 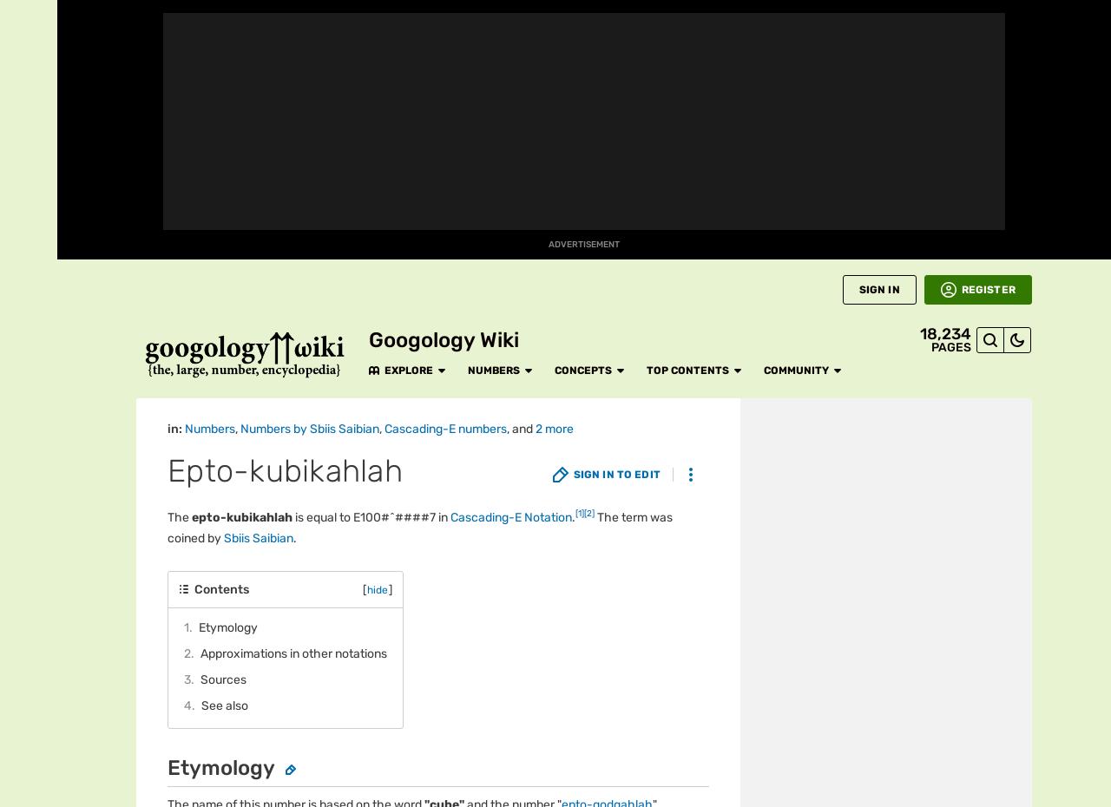 What do you see at coordinates (348, 176) in the screenshot?
I see `'Godgathor — Godtothol'` at bounding box center [348, 176].